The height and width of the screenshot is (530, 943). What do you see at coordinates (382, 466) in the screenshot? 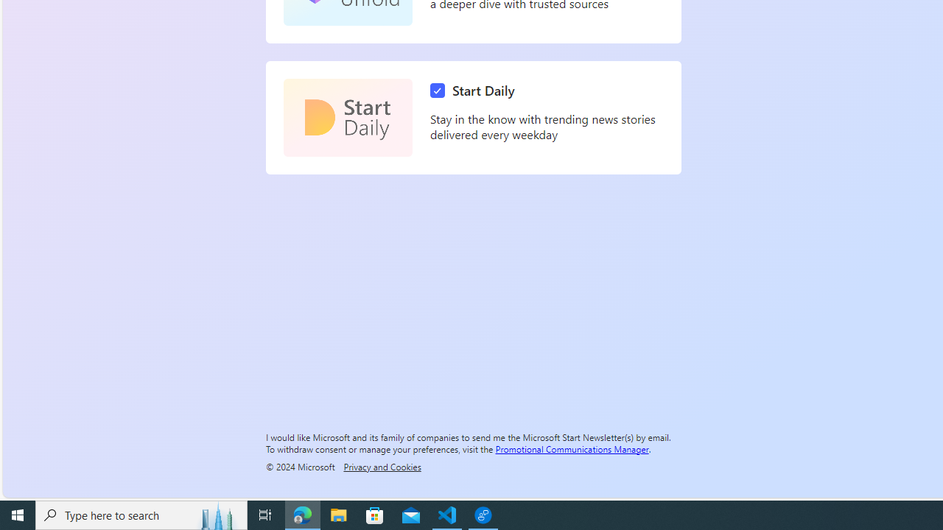
I see `'Privacy and Cookies'` at bounding box center [382, 466].